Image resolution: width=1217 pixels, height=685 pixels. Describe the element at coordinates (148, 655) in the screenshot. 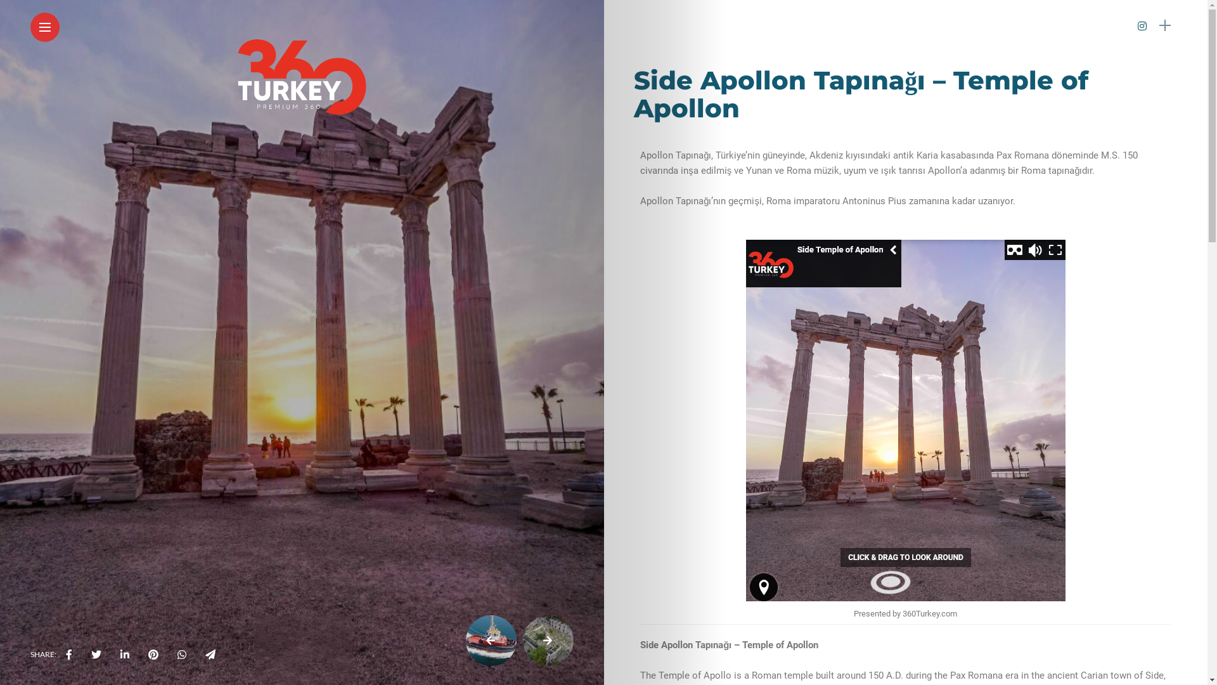

I see `'pinterest'` at that location.